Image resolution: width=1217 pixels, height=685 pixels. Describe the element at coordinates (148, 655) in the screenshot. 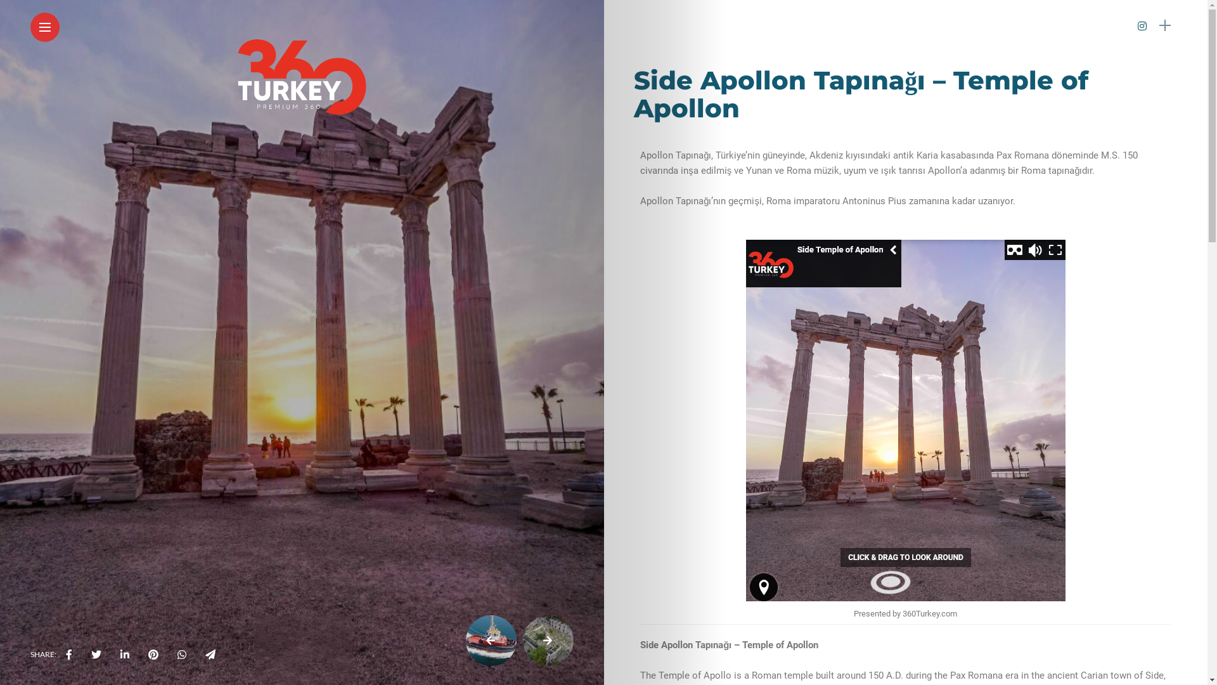

I see `'pinterest'` at that location.